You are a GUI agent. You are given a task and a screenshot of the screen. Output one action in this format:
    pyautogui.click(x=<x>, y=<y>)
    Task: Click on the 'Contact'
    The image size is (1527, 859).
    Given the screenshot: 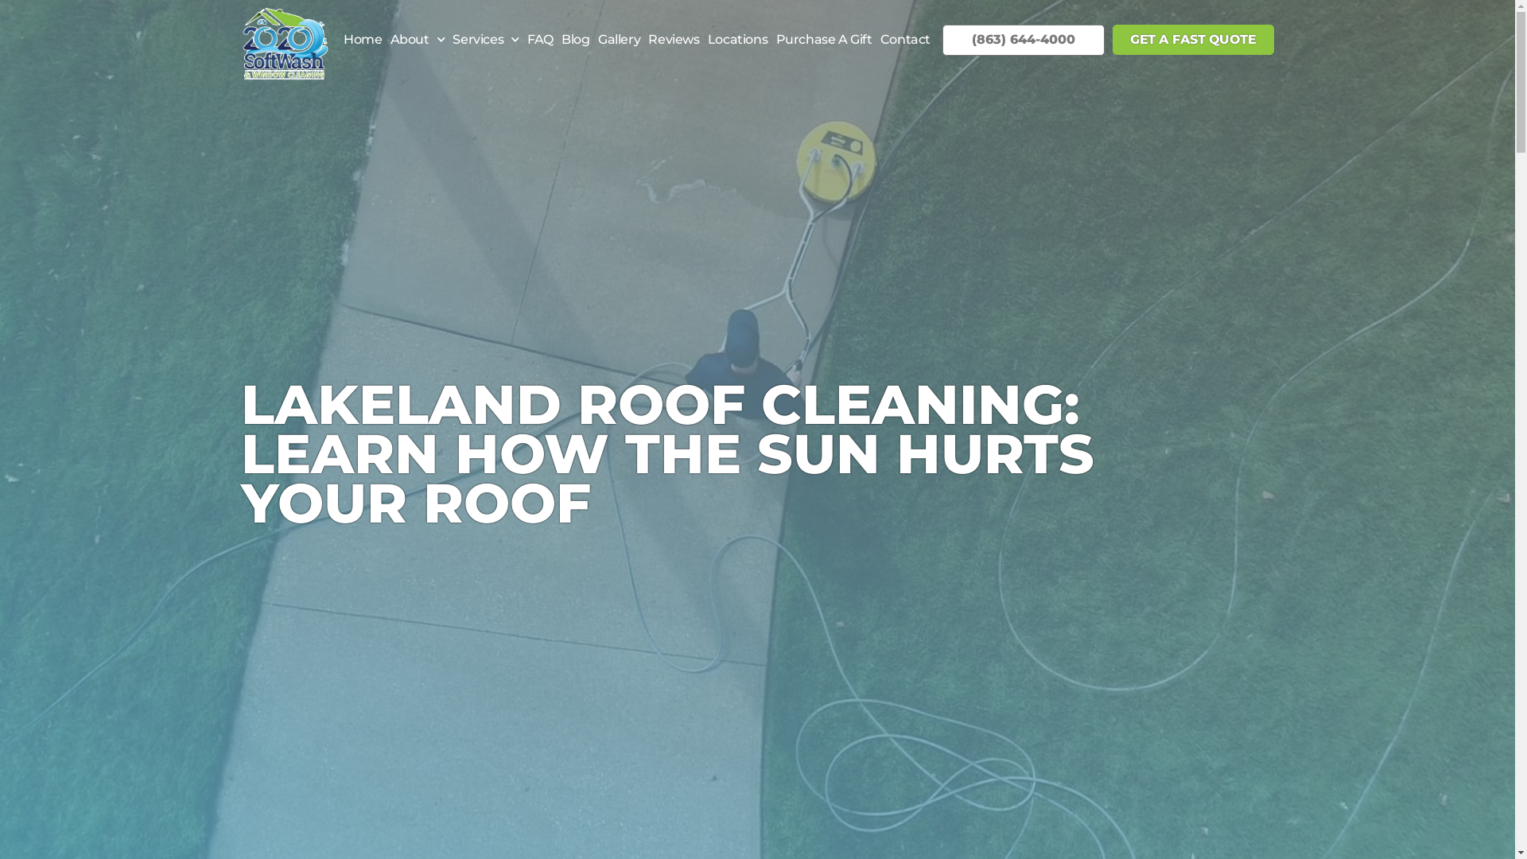 What is the action you would take?
    pyautogui.click(x=905, y=39)
    